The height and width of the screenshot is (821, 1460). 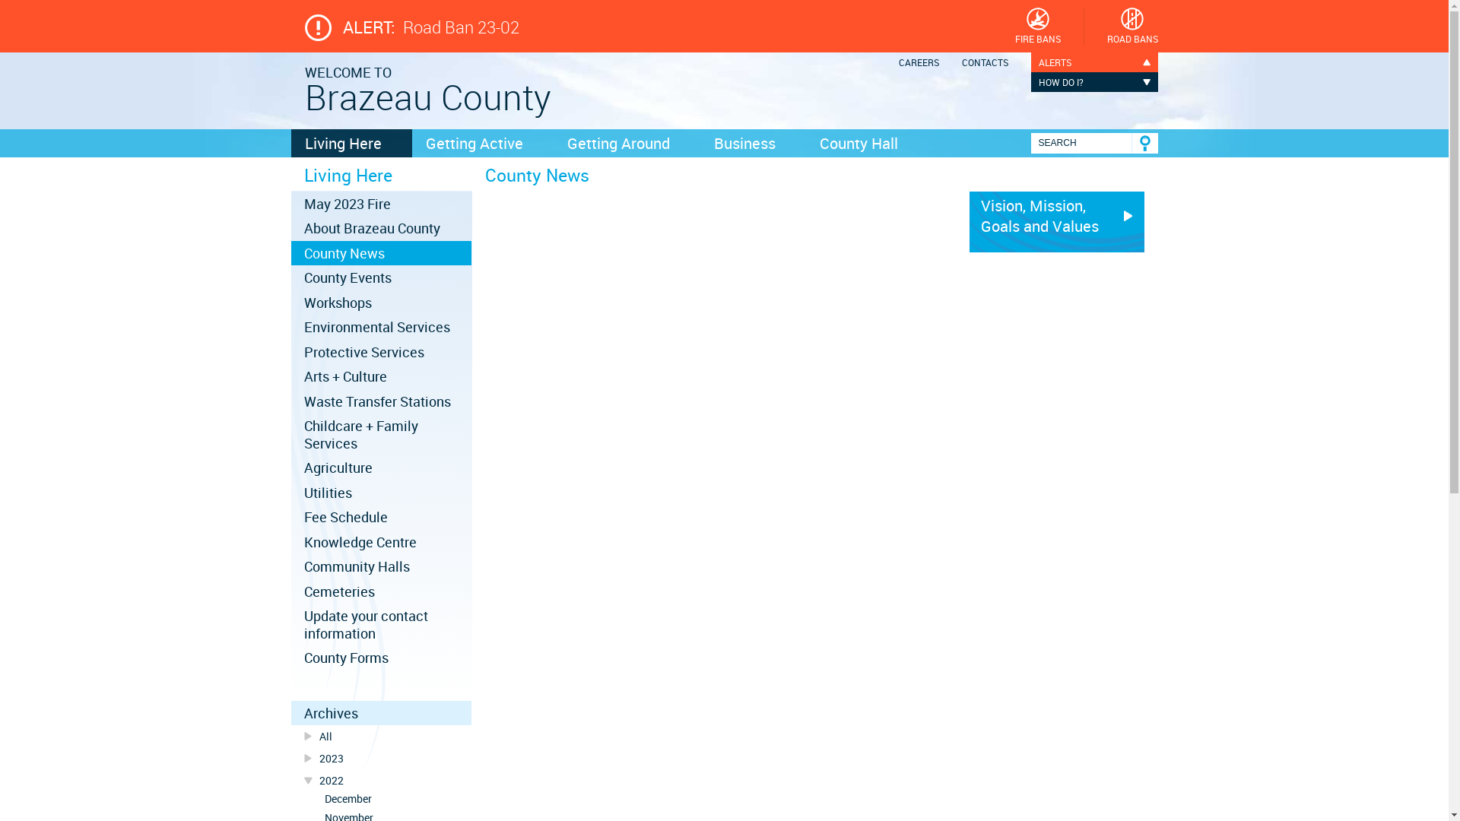 I want to click on 'CAREERS', so click(x=918, y=61).